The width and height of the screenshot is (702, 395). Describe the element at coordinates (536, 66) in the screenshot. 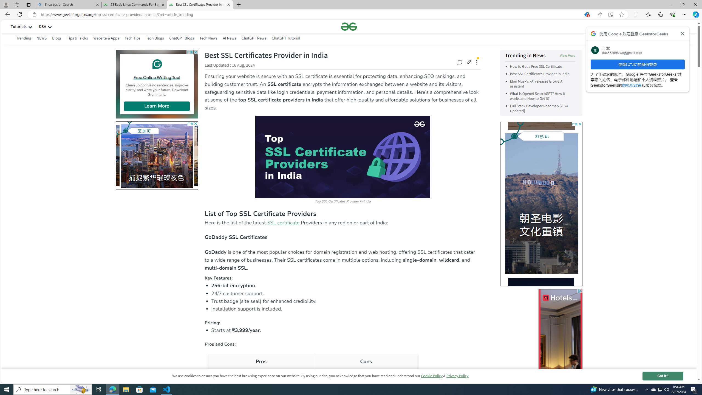

I see `'How to Get a Free SSL Certificate'` at that location.